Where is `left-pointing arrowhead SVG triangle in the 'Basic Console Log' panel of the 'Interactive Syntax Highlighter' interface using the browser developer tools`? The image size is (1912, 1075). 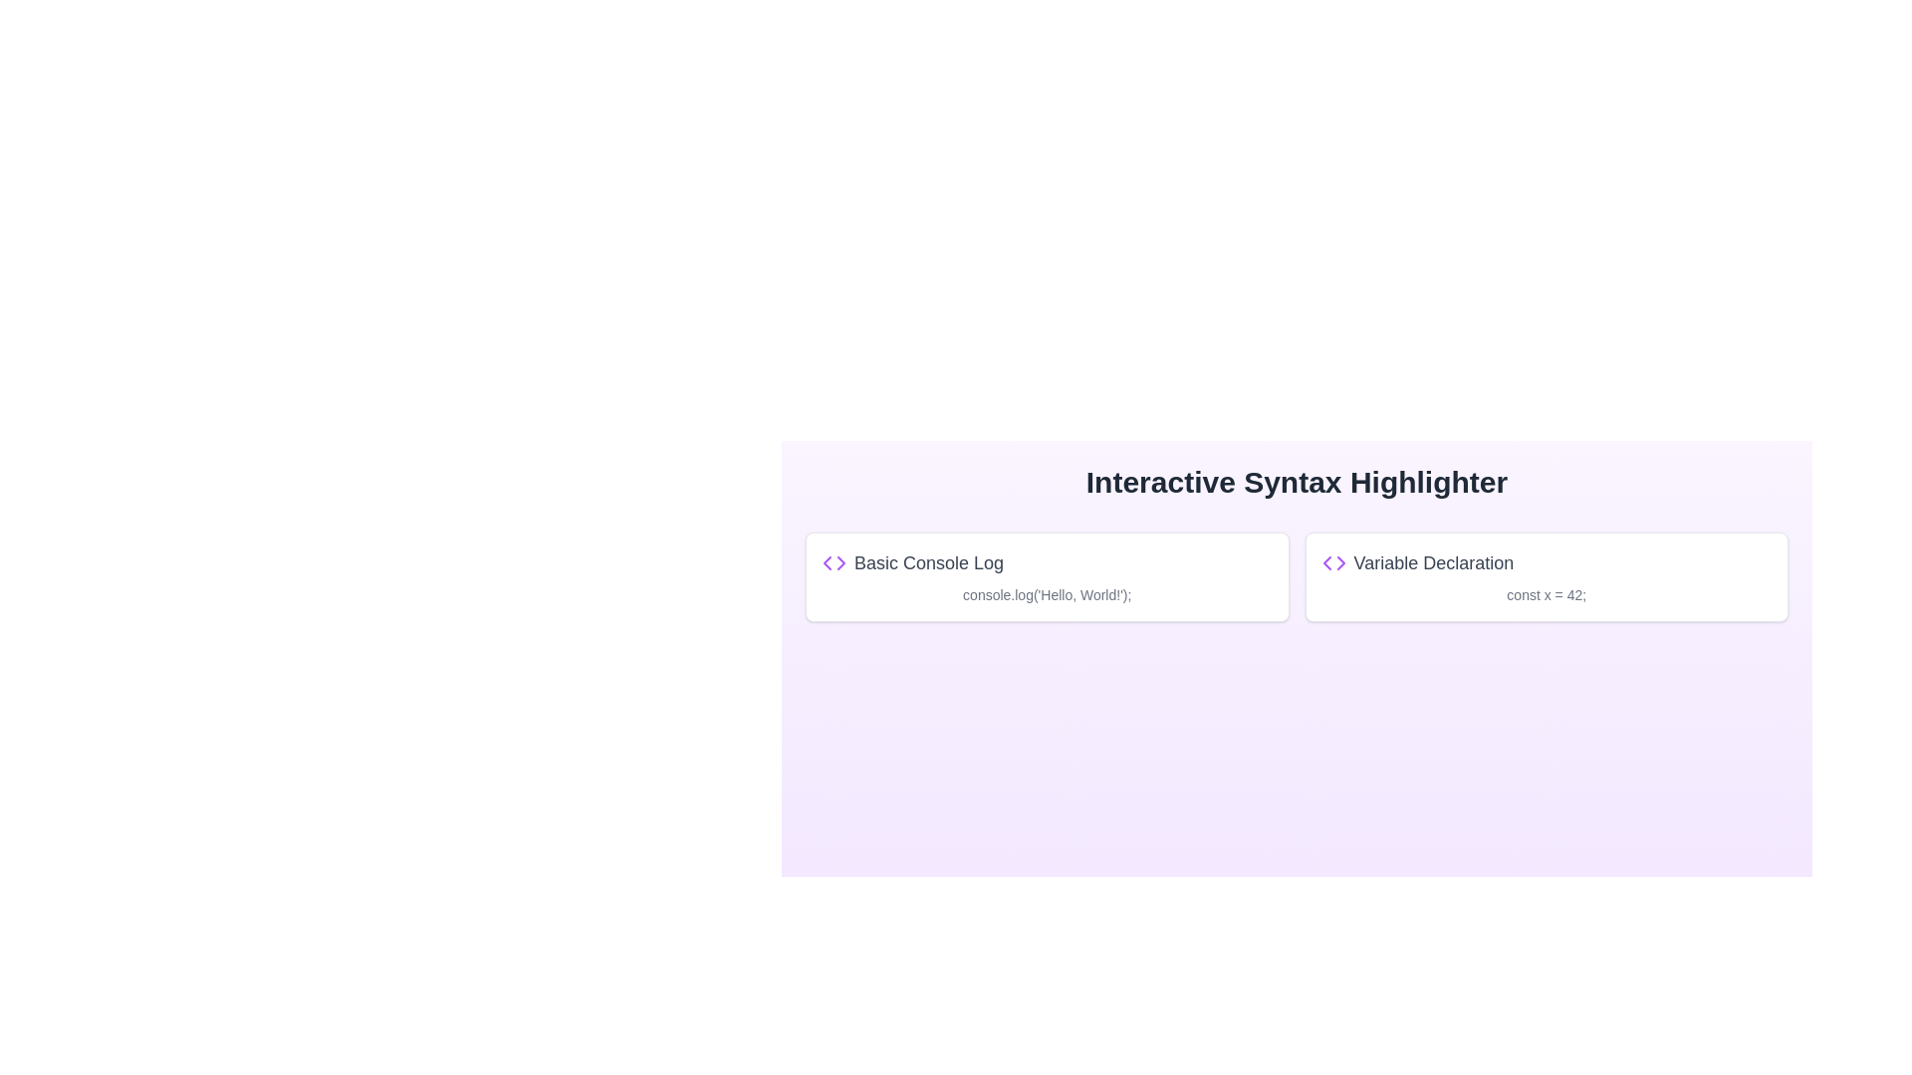 left-pointing arrowhead SVG triangle in the 'Basic Console Log' panel of the 'Interactive Syntax Highlighter' interface using the browser developer tools is located at coordinates (827, 563).